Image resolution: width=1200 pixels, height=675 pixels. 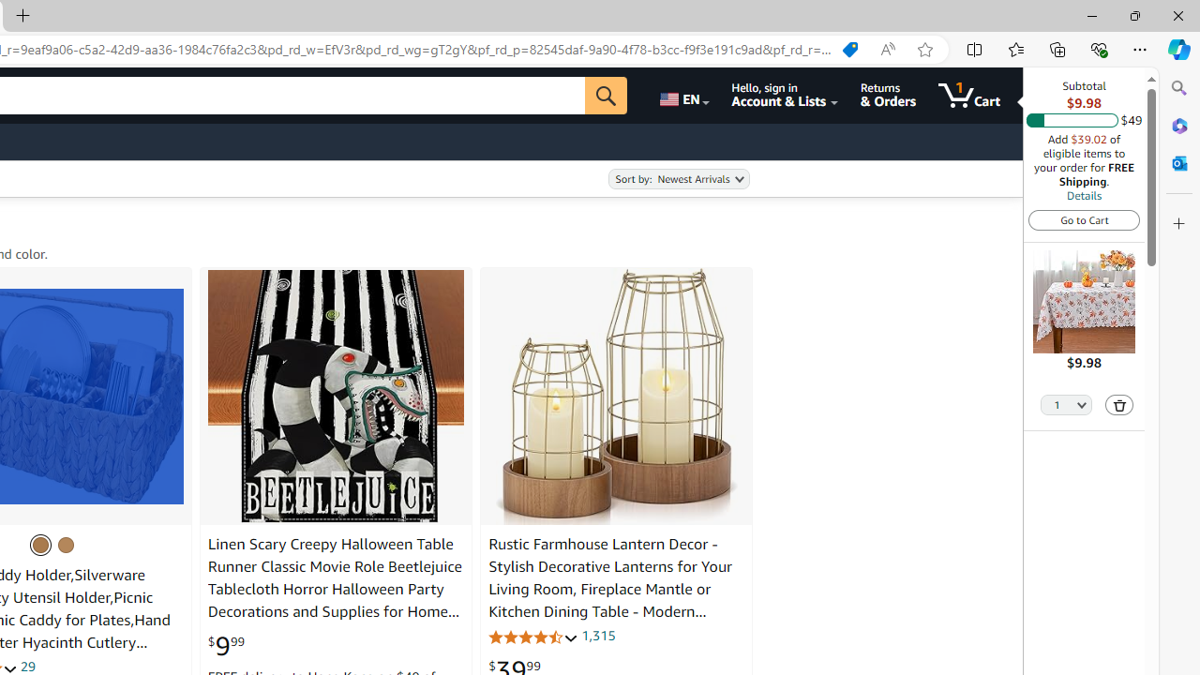 I want to click on 'Go', so click(x=607, y=95).